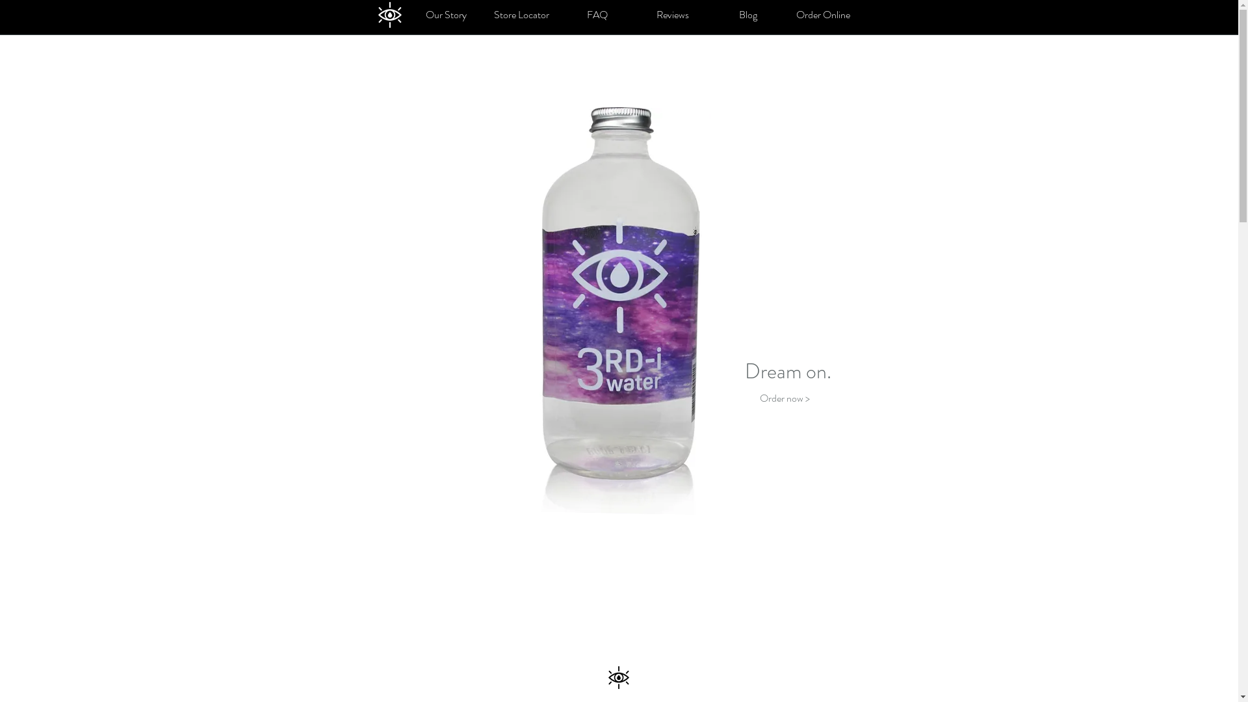  I want to click on 'Blog', so click(747, 15).